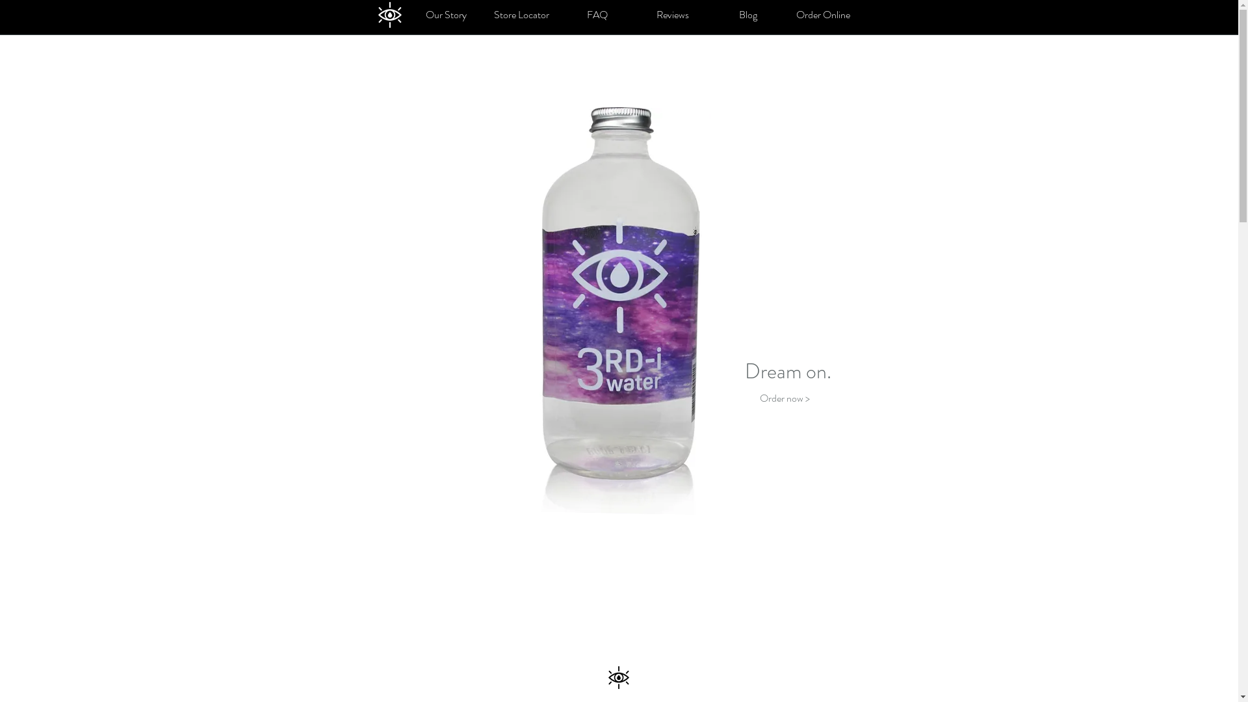  I want to click on 'Blog', so click(747, 15).